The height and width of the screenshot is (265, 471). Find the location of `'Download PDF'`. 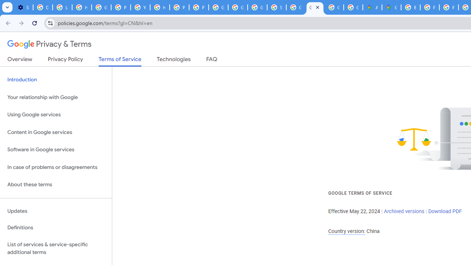

'Download PDF' is located at coordinates (445, 211).